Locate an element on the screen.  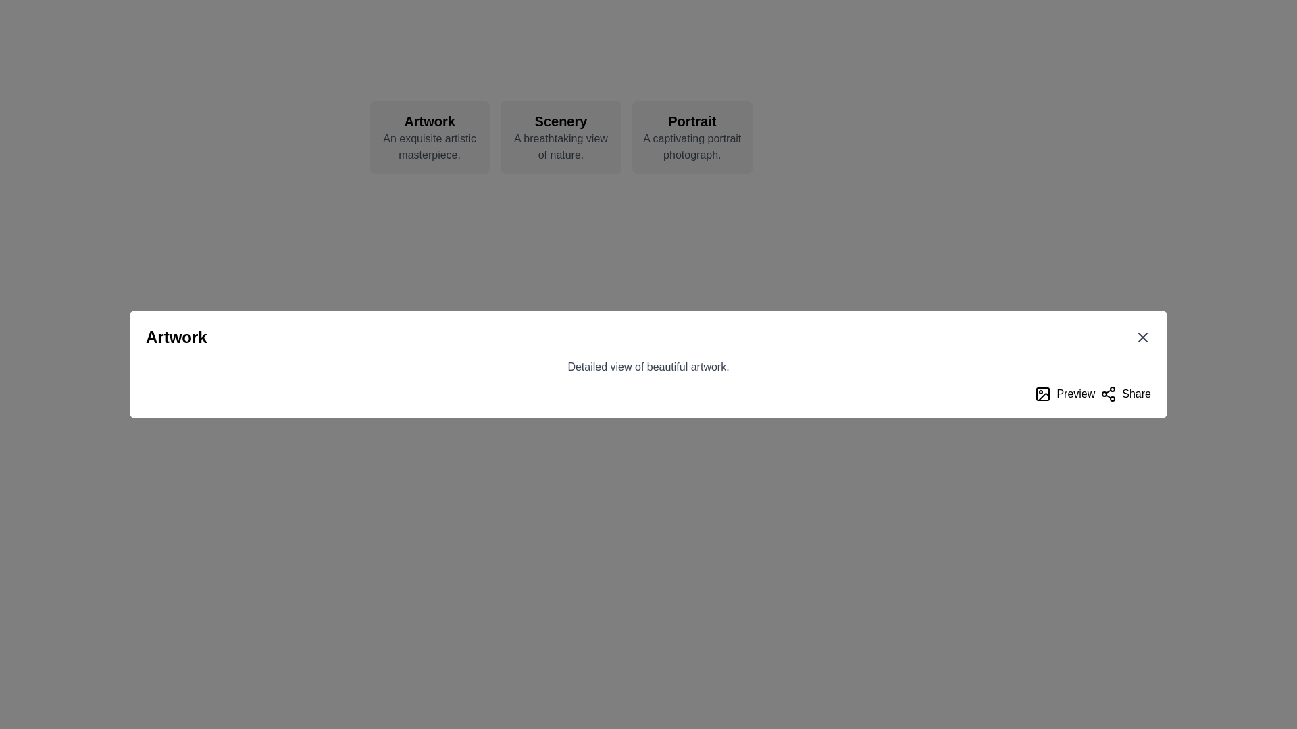
the Text label that provides descriptive detail about the artwork, located directly under the bold title 'Artwork' and above the 'Preview' and 'Share' options is located at coordinates (648, 367).